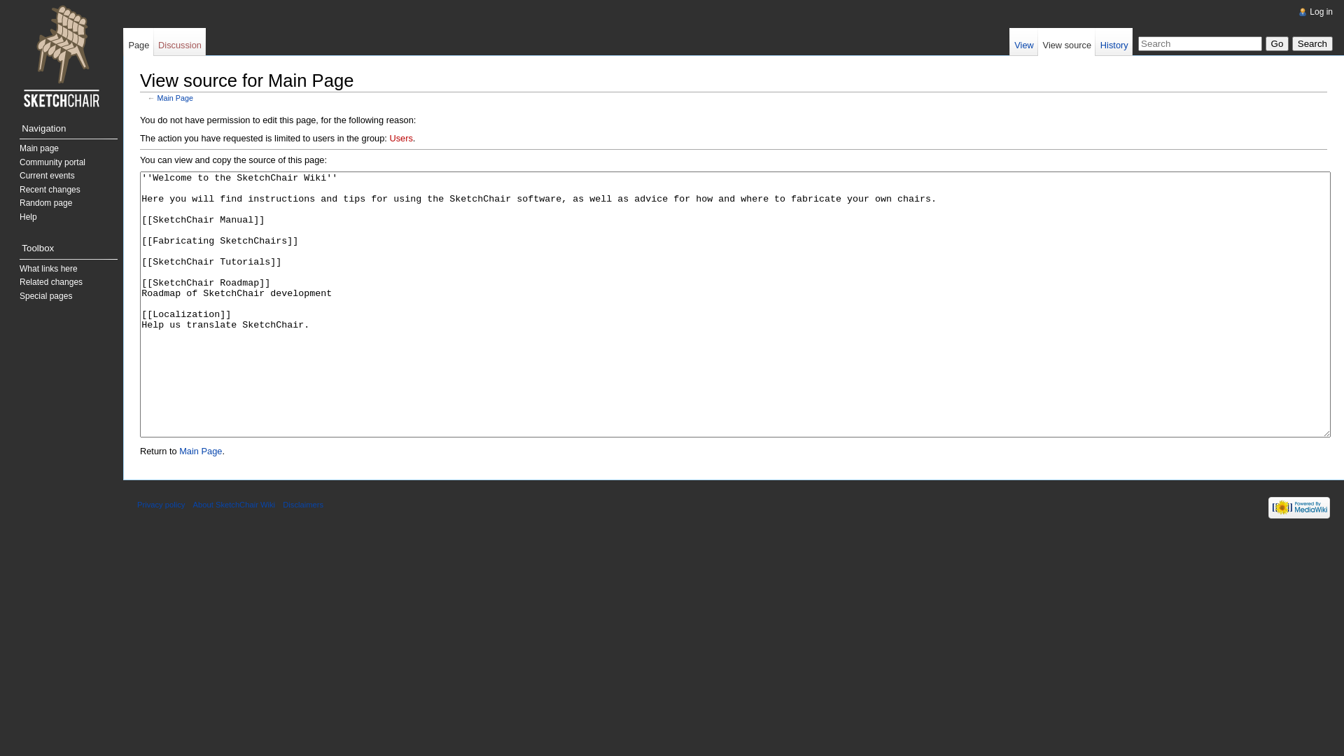 Image resolution: width=1344 pixels, height=756 pixels. Describe the element at coordinates (20, 281) in the screenshot. I see `'Related changes'` at that location.